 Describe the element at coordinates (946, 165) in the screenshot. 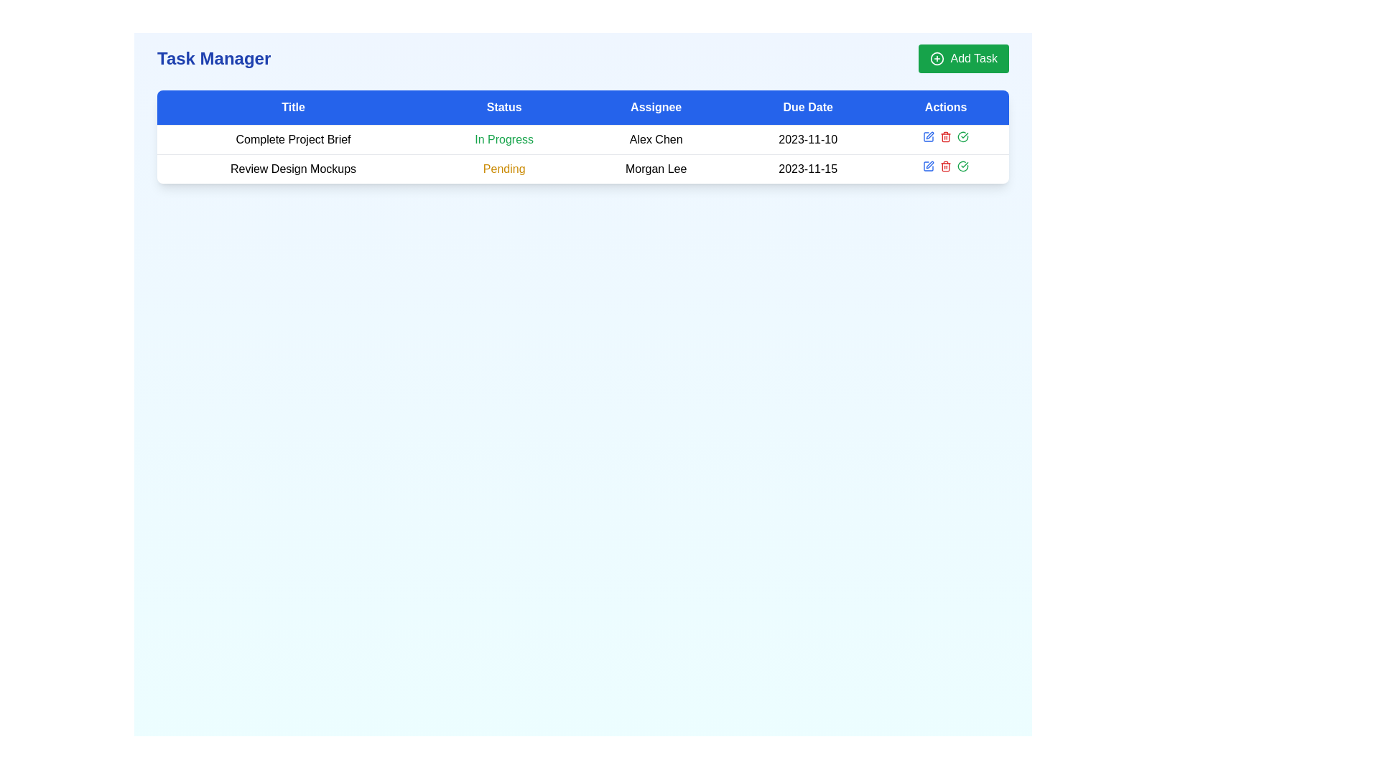

I see `the red-colored trash bin icon in the 'Actions' column of the last row in the task table` at that location.